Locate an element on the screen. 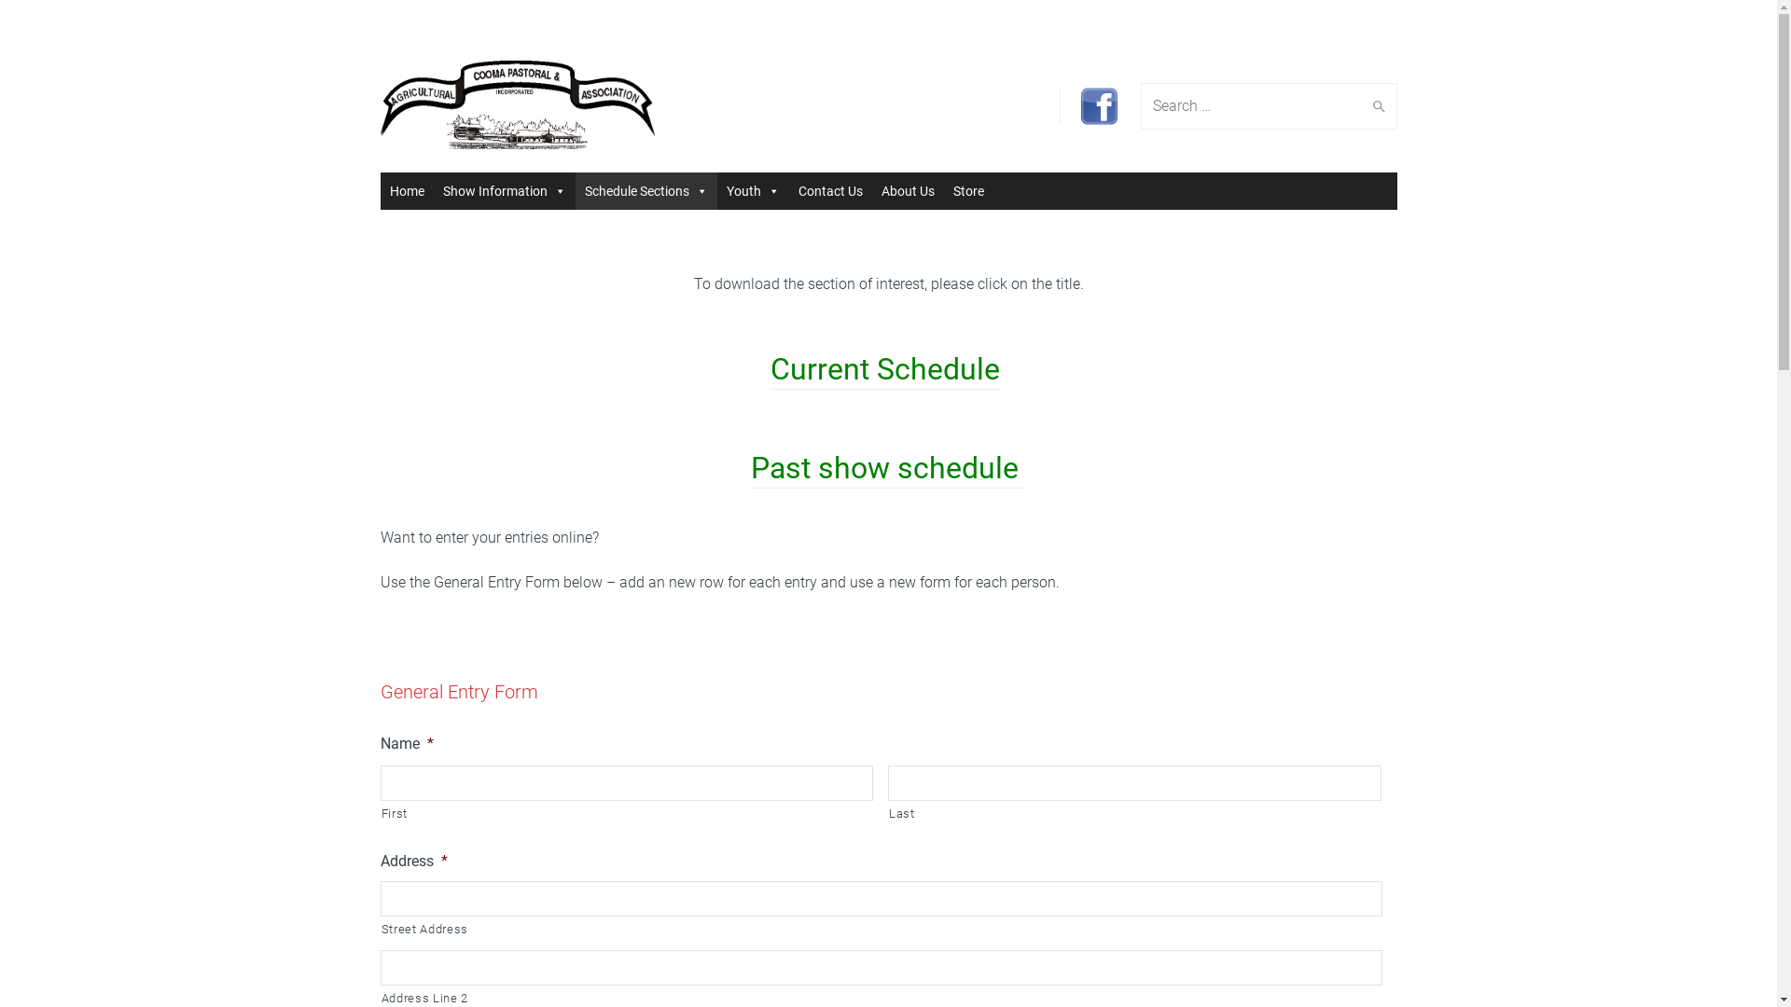 The width and height of the screenshot is (1791, 1007). 'Search' is located at coordinates (1374, 104).